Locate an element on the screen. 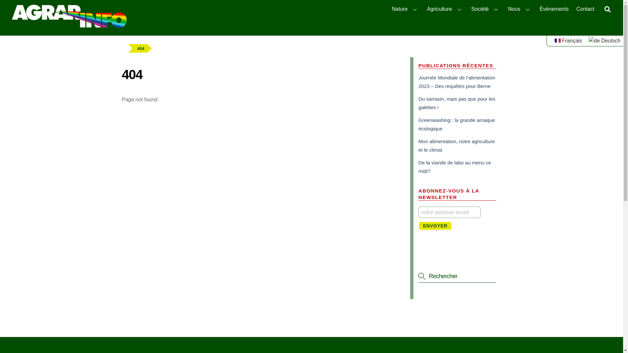  'Deutsch' is located at coordinates (604, 41).